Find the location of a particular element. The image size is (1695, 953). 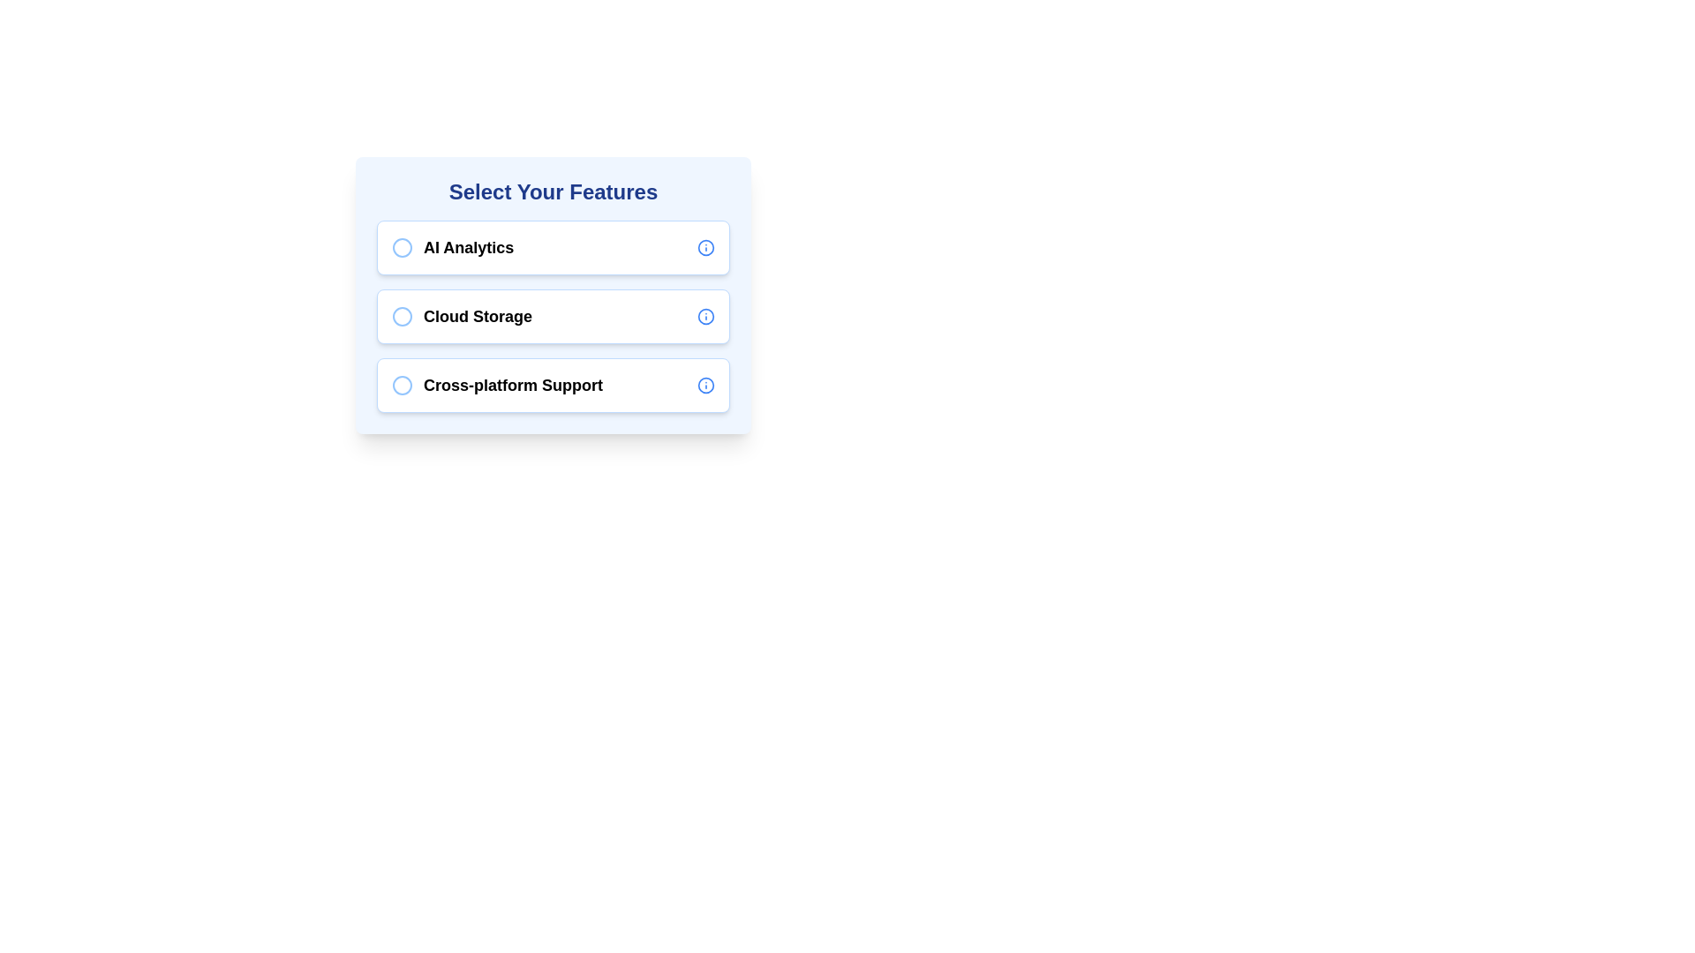

the visual state of the circular icon with a blue outline located to the left of the 'AI Analytics' label is located at coordinates (402, 248).